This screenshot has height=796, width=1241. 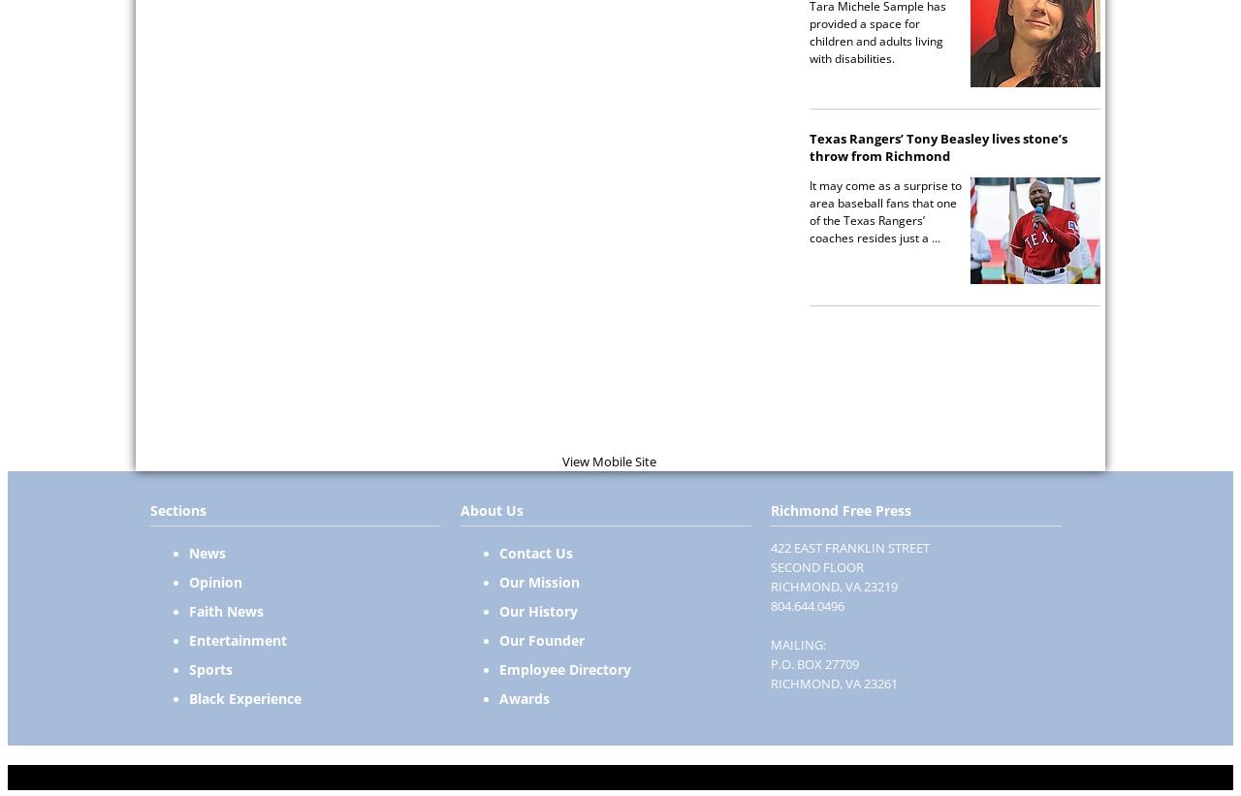 What do you see at coordinates (841, 510) in the screenshot?
I see `'Richmond Free Press'` at bounding box center [841, 510].